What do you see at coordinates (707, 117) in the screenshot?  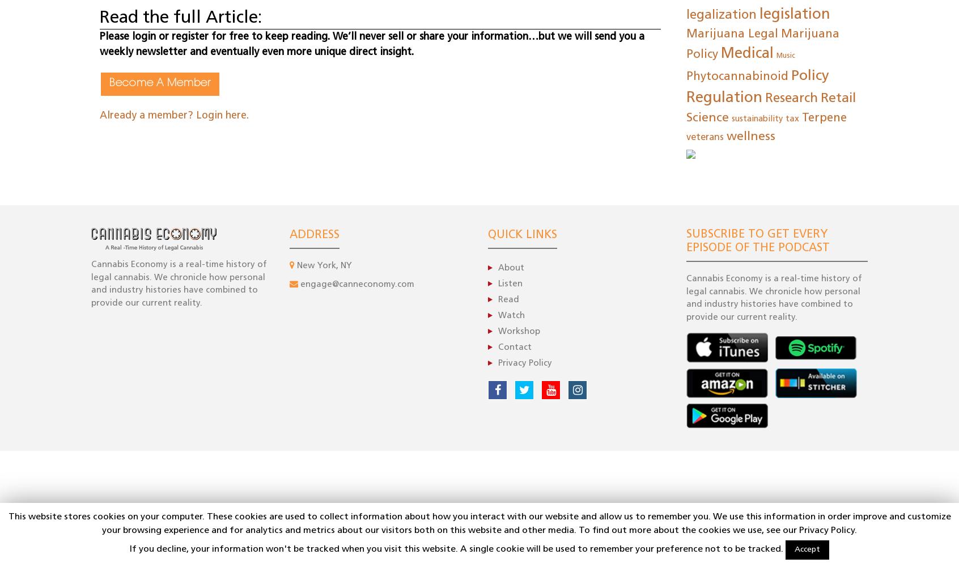 I see `'Science'` at bounding box center [707, 117].